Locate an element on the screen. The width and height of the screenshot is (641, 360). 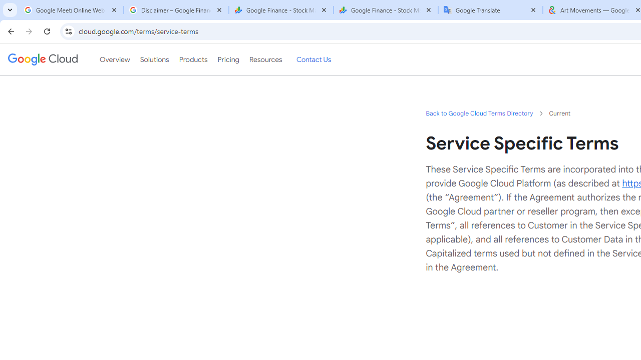
'Google Translate' is located at coordinates (490, 10).